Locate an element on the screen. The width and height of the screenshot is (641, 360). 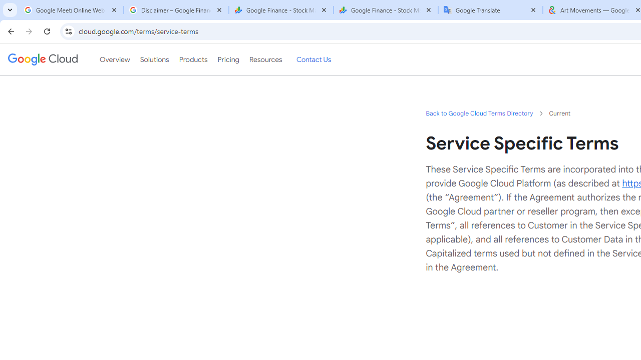
'Google Translate' is located at coordinates (490, 10).